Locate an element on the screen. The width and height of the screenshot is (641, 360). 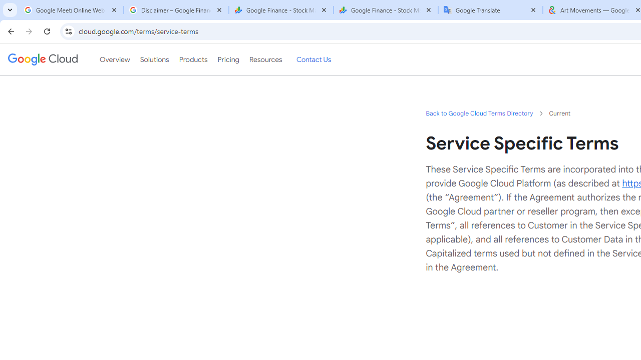
'Google Translate' is located at coordinates (490, 10).